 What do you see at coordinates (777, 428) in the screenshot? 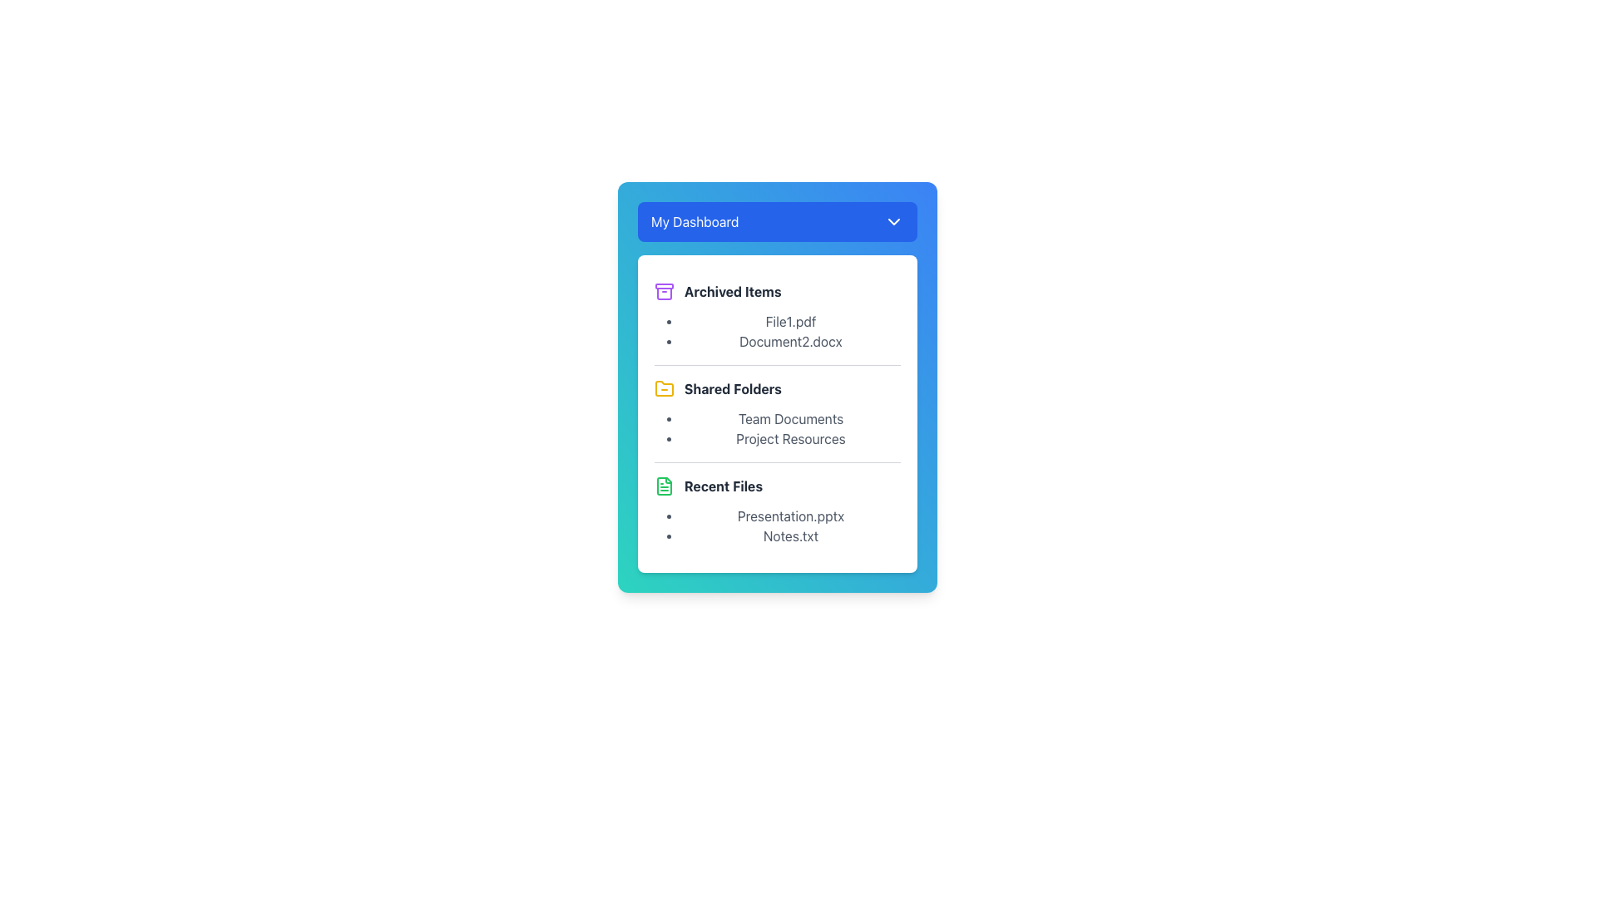
I see `items displayed in the bulleted list of shared folders, which includes 'Team Documents' and 'Project Resources', located below the 'Shared Folders' header` at bounding box center [777, 428].